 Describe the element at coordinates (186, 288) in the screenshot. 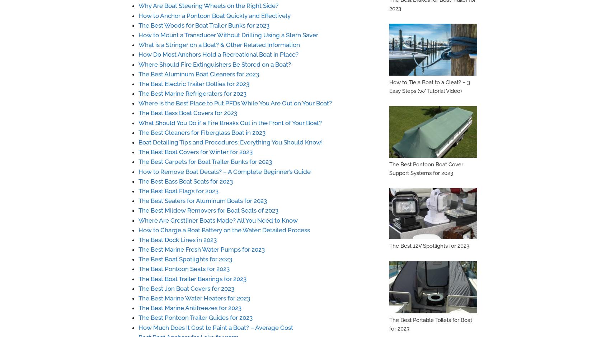

I see `'The Best Jon Boat Covers for 2023'` at that location.